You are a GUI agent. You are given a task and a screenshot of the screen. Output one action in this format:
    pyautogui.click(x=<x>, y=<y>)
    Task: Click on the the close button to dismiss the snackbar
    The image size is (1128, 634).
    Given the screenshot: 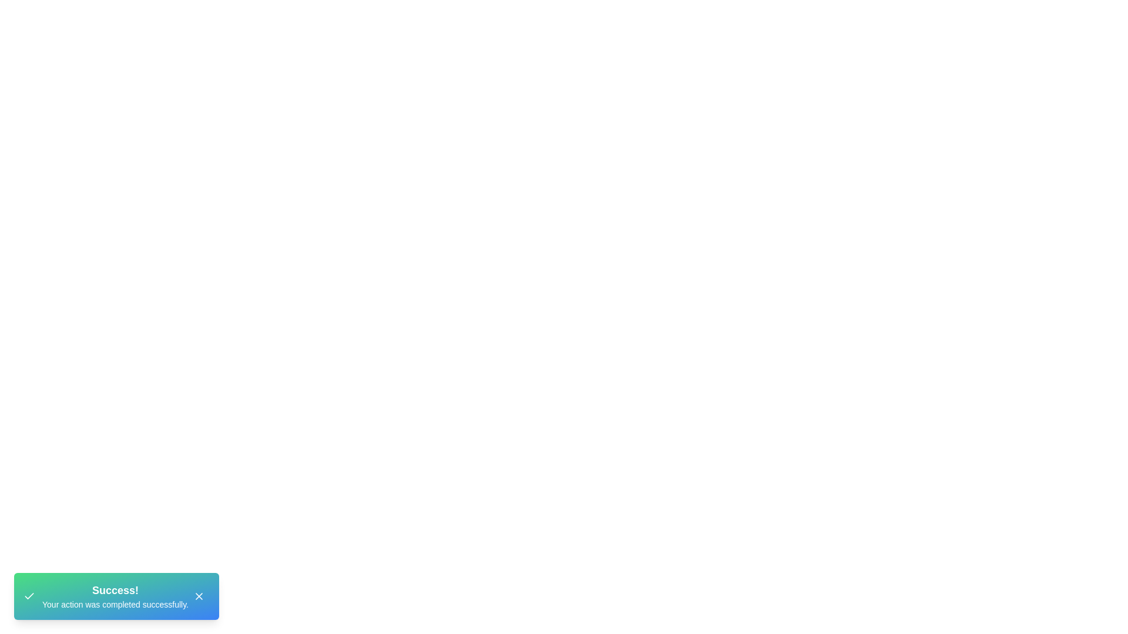 What is the action you would take?
    pyautogui.click(x=199, y=596)
    